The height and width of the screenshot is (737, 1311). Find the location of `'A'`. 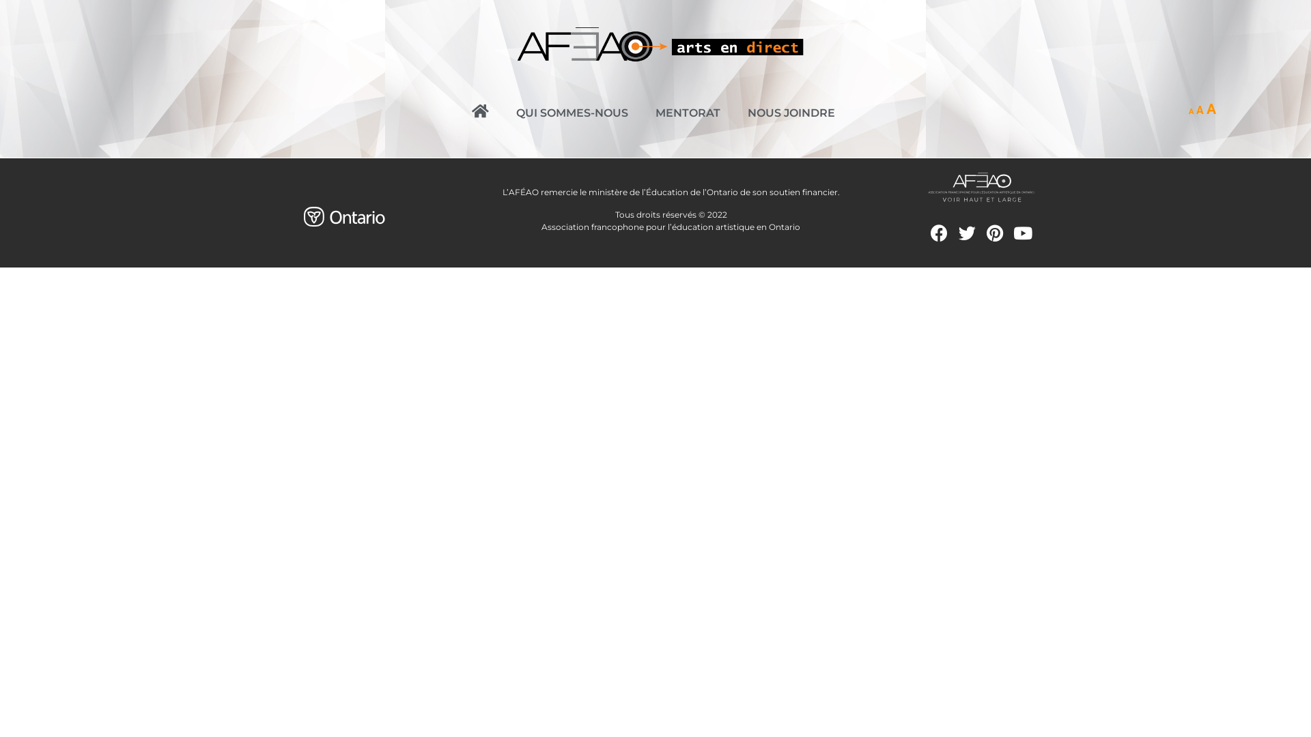

'A' is located at coordinates (1199, 109).